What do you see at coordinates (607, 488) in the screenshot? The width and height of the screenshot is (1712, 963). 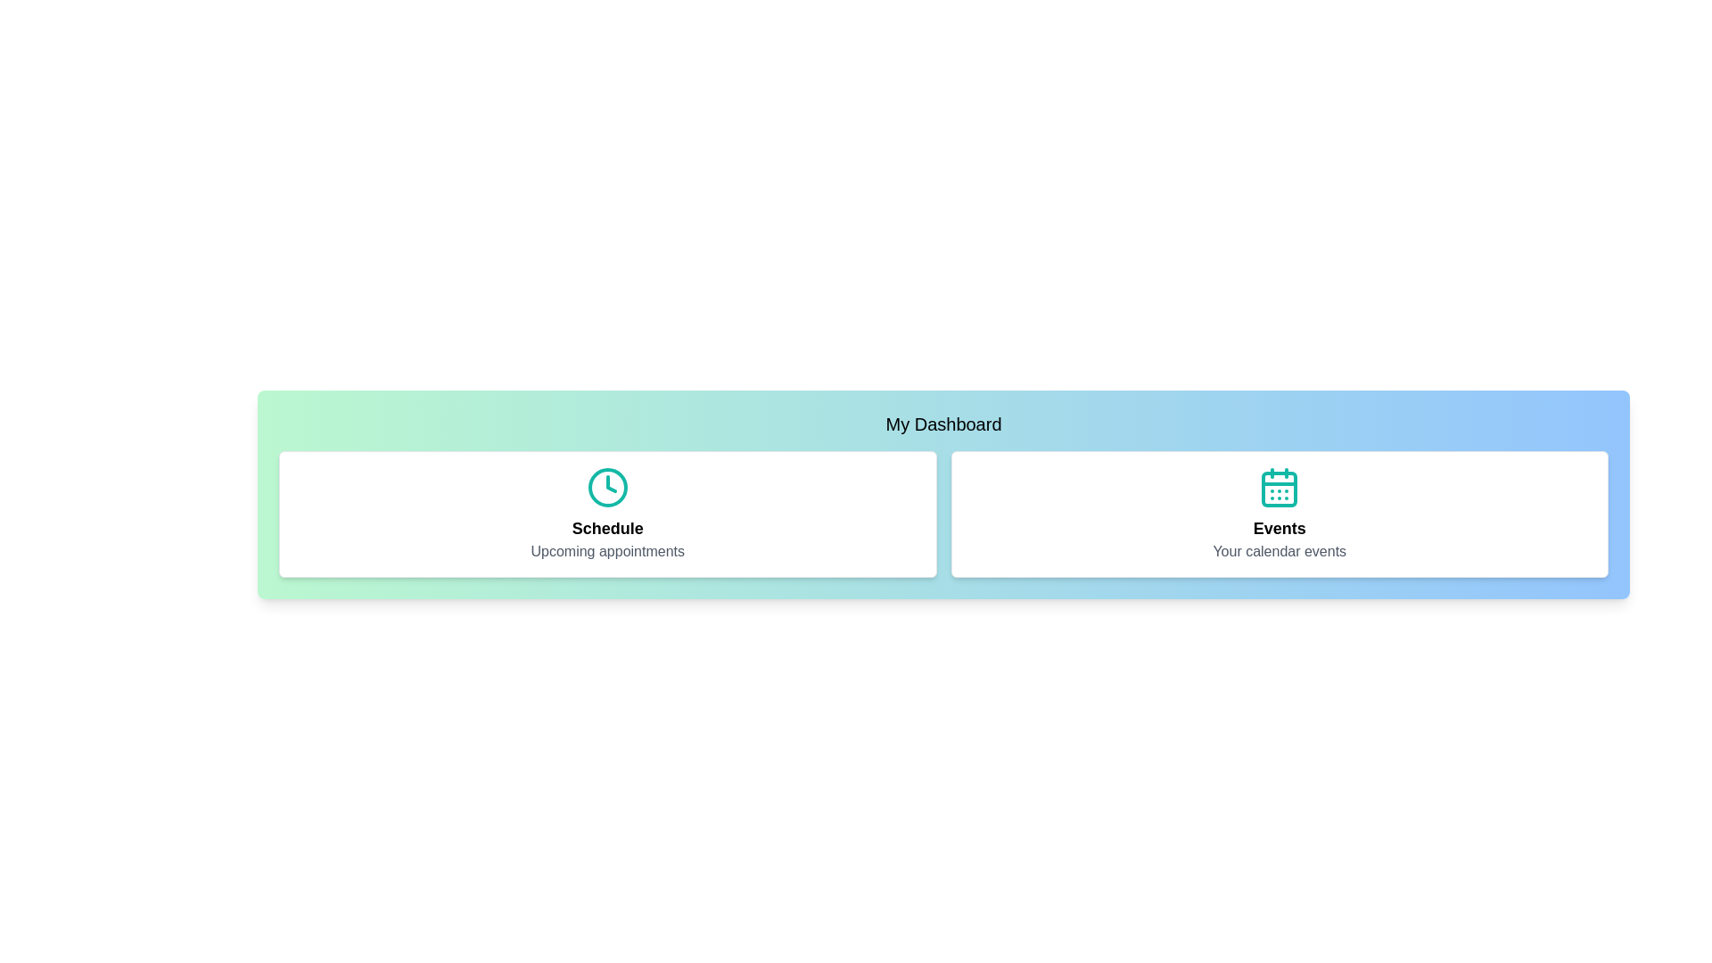 I see `the circular outline icon with a filled clock design, colored teal, located in the 'Schedule' section above the label text` at bounding box center [607, 488].